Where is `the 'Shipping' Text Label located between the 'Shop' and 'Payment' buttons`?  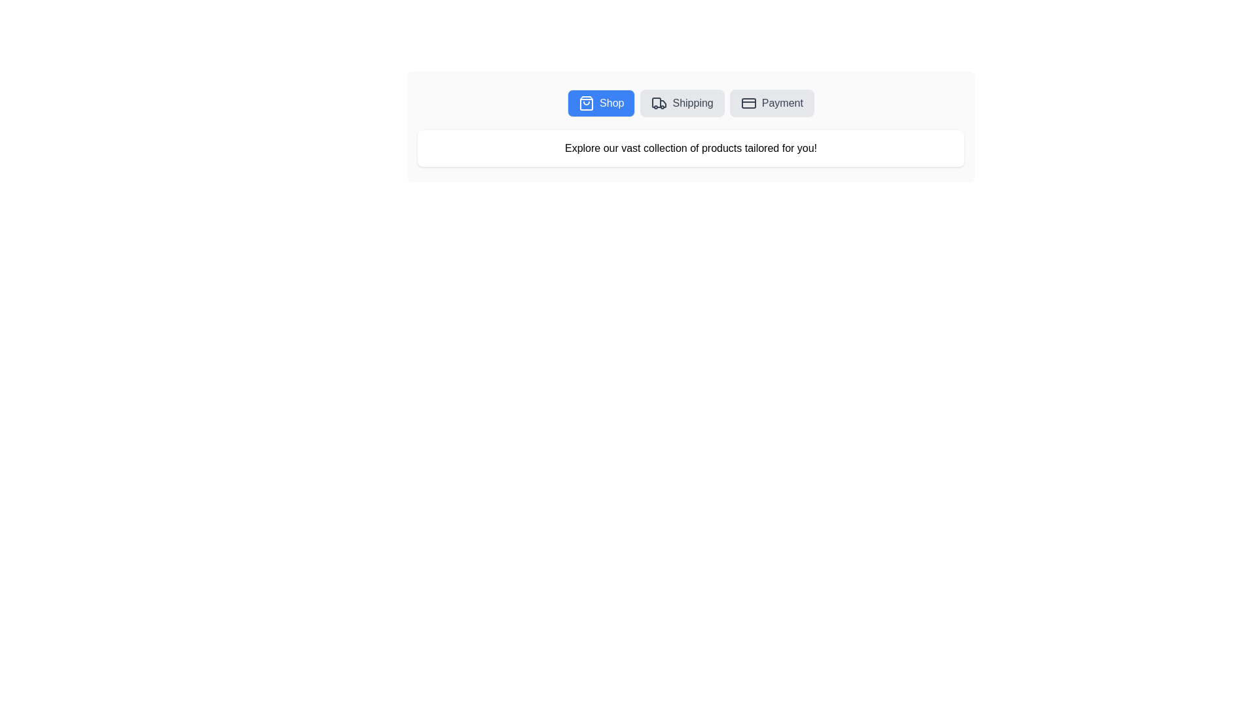
the 'Shipping' Text Label located between the 'Shop' and 'Payment' buttons is located at coordinates (692, 103).